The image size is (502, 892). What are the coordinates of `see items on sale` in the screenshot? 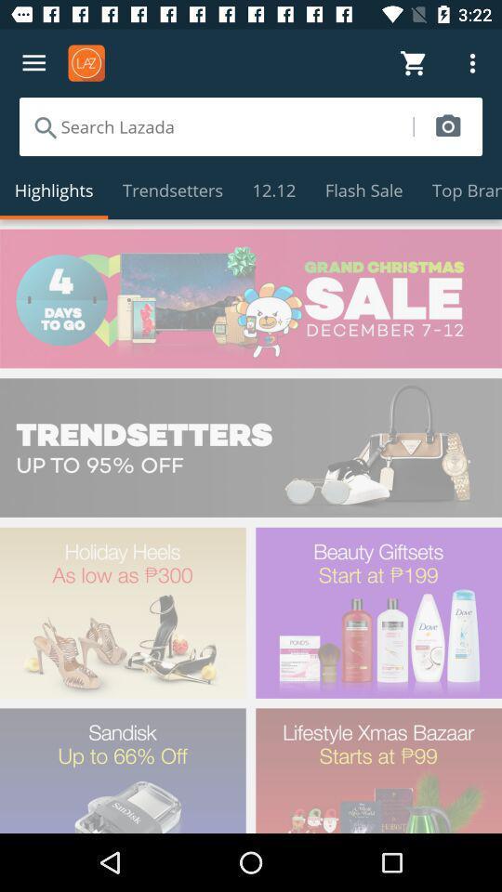 It's located at (251, 298).